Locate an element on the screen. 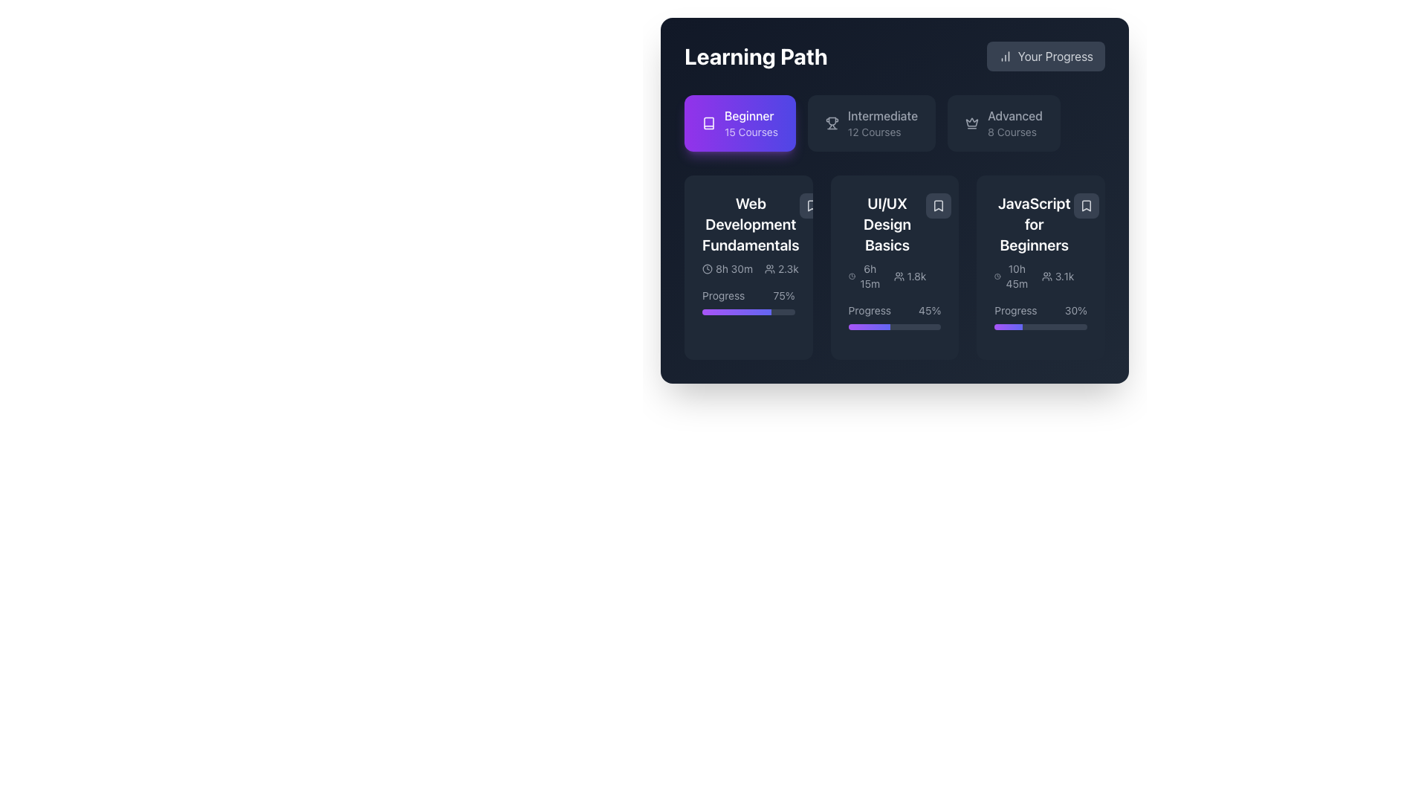 This screenshot has width=1427, height=803. progress information from the progress bar labeled 'Progress' with '30%' indicating the completion percentage in the 'JavaScript for Beginners' card is located at coordinates (1040, 315).